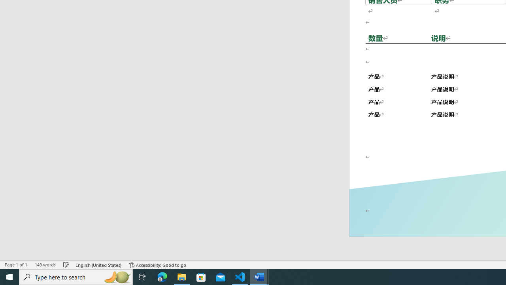 The image size is (506, 285). What do you see at coordinates (66, 265) in the screenshot?
I see `'Spelling and Grammar Check Checking'` at bounding box center [66, 265].